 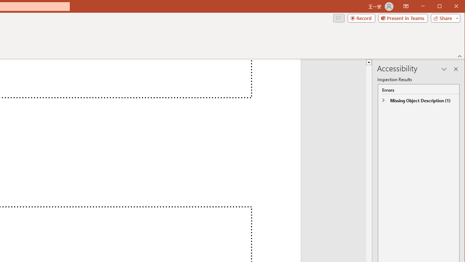 I want to click on 'Minimize', so click(x=441, y=7).